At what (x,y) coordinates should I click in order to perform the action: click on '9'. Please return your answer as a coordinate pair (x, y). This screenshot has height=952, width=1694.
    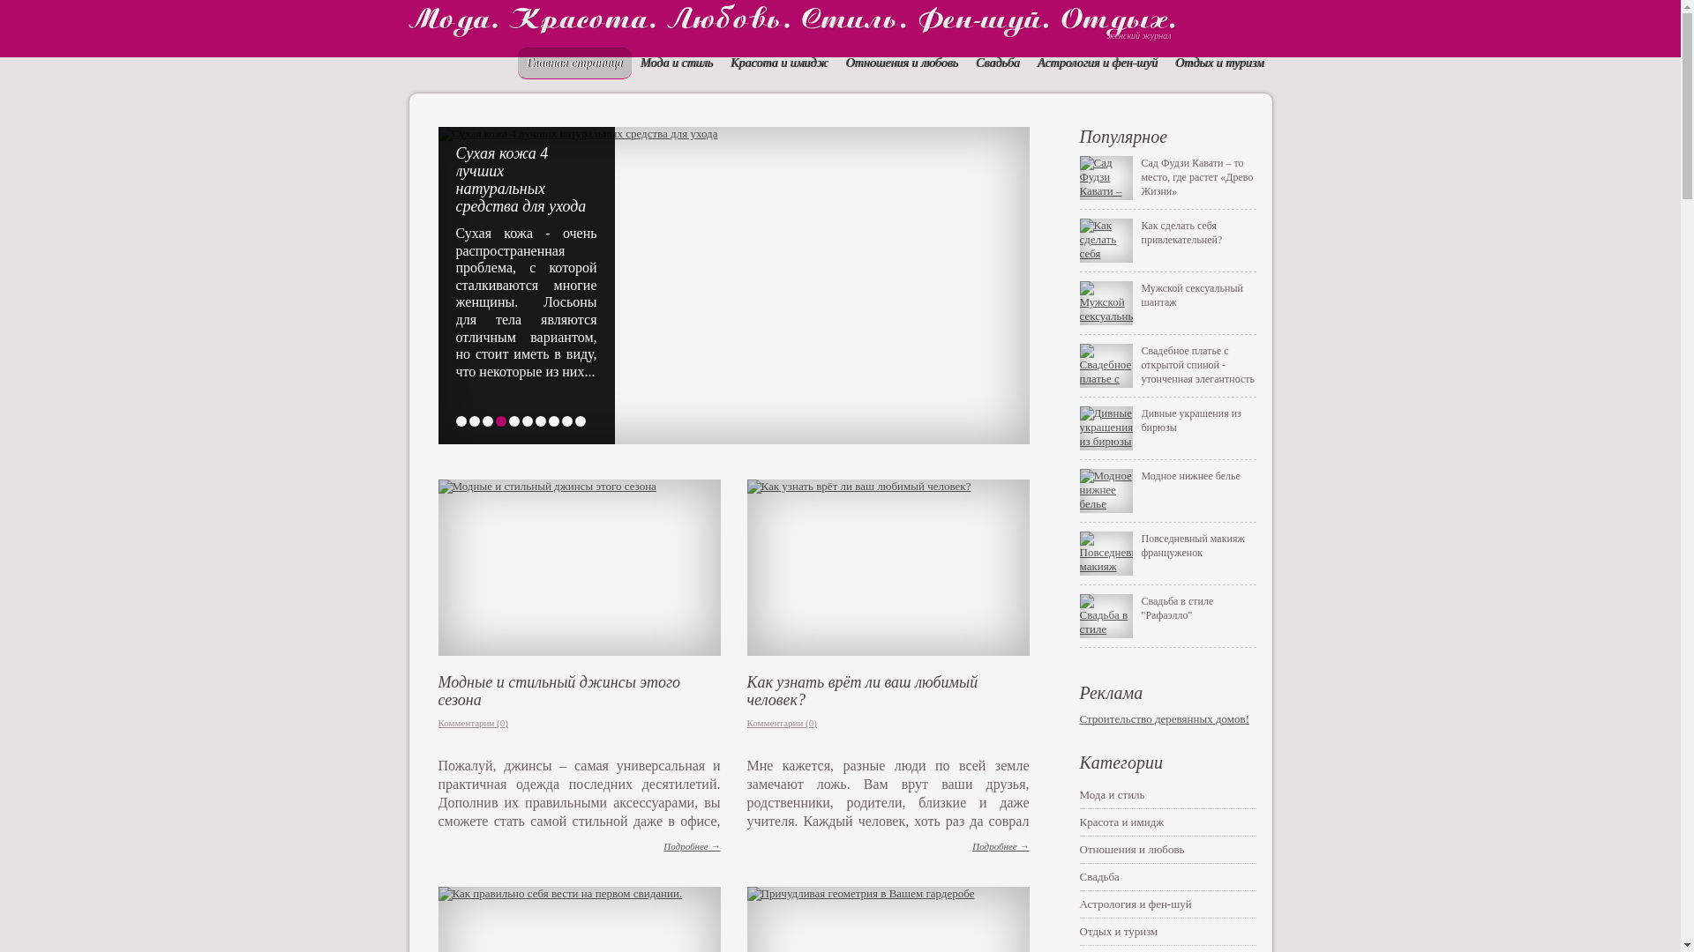
    Looking at the image, I should click on (559, 421).